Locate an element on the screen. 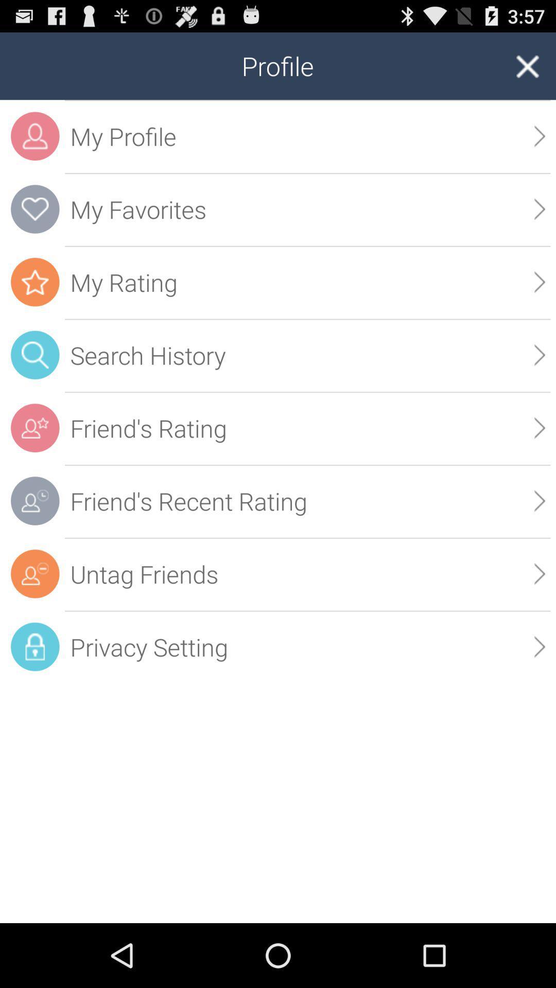  the my profile item is located at coordinates (307, 136).